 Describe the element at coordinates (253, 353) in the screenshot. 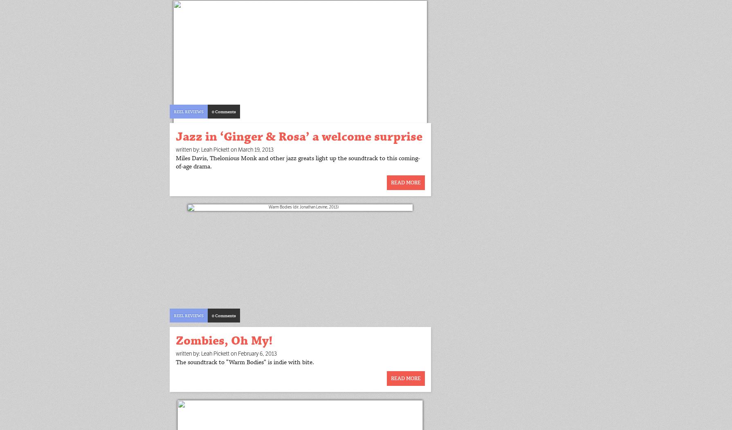

I see `'on February 6, 2013'` at that location.